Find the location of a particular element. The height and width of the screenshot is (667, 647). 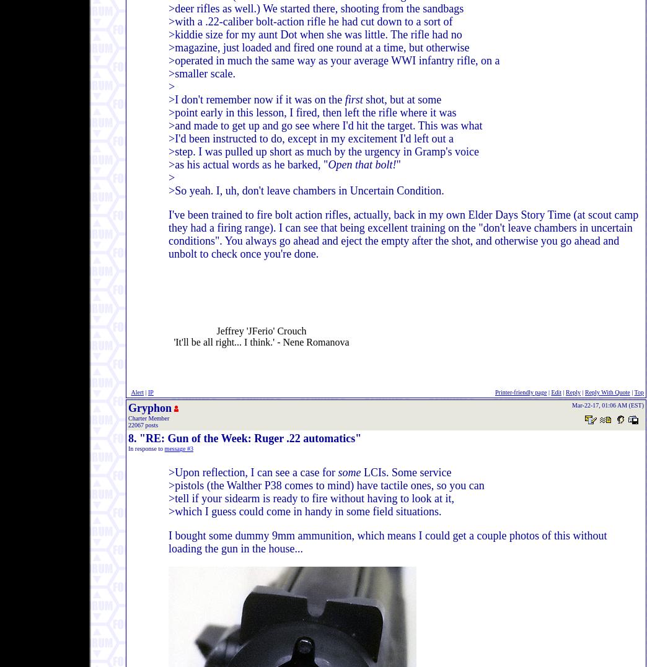

'22067 posts' is located at coordinates (143, 424).